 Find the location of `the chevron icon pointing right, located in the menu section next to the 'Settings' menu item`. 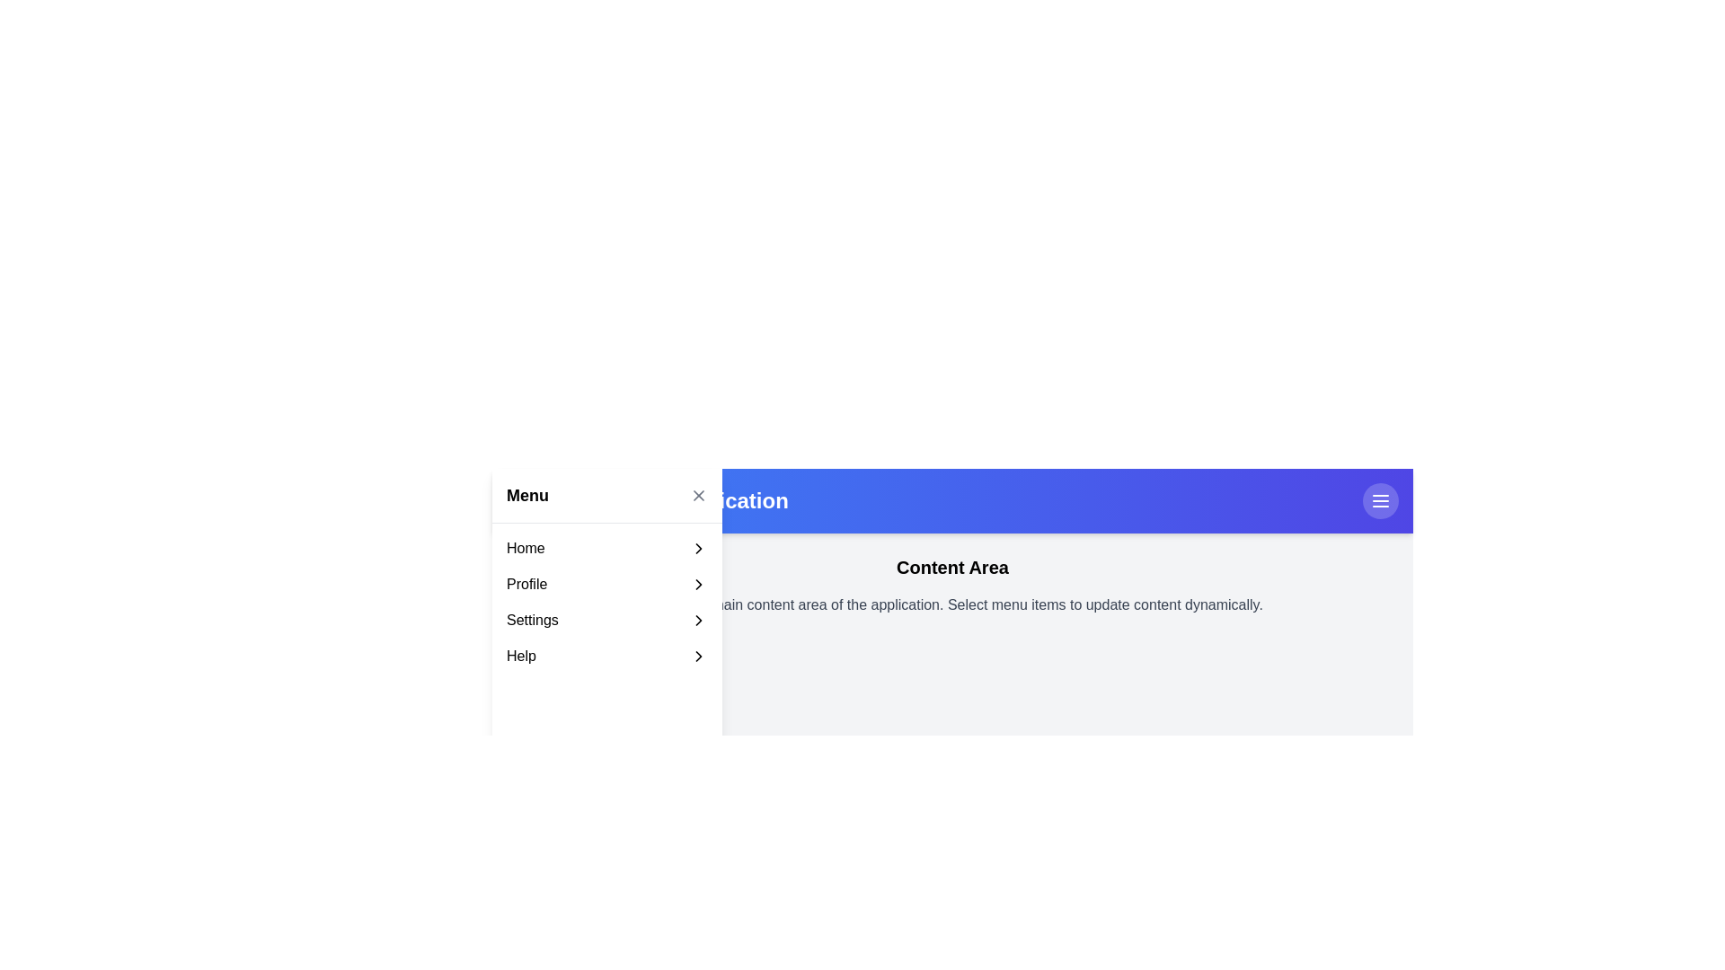

the chevron icon pointing right, located in the menu section next to the 'Settings' menu item is located at coordinates (697, 619).